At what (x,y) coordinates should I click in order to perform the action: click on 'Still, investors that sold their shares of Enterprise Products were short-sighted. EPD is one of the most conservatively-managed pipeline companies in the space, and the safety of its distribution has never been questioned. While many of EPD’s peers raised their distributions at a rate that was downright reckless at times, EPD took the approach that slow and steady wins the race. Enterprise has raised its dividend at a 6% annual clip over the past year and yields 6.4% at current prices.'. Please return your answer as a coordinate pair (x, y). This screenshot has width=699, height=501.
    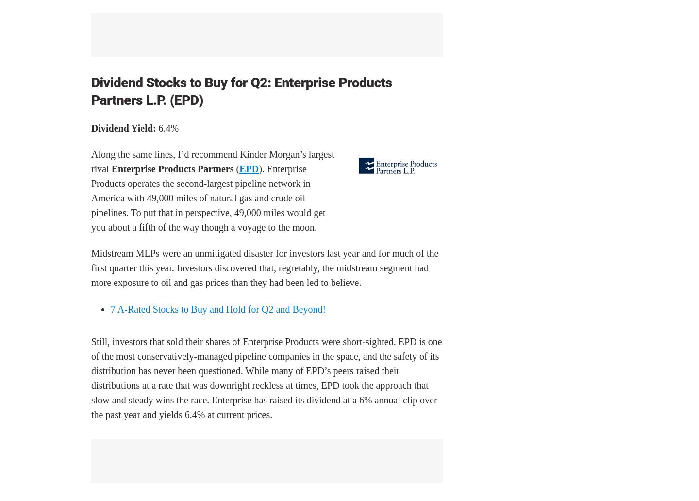
    Looking at the image, I should click on (266, 378).